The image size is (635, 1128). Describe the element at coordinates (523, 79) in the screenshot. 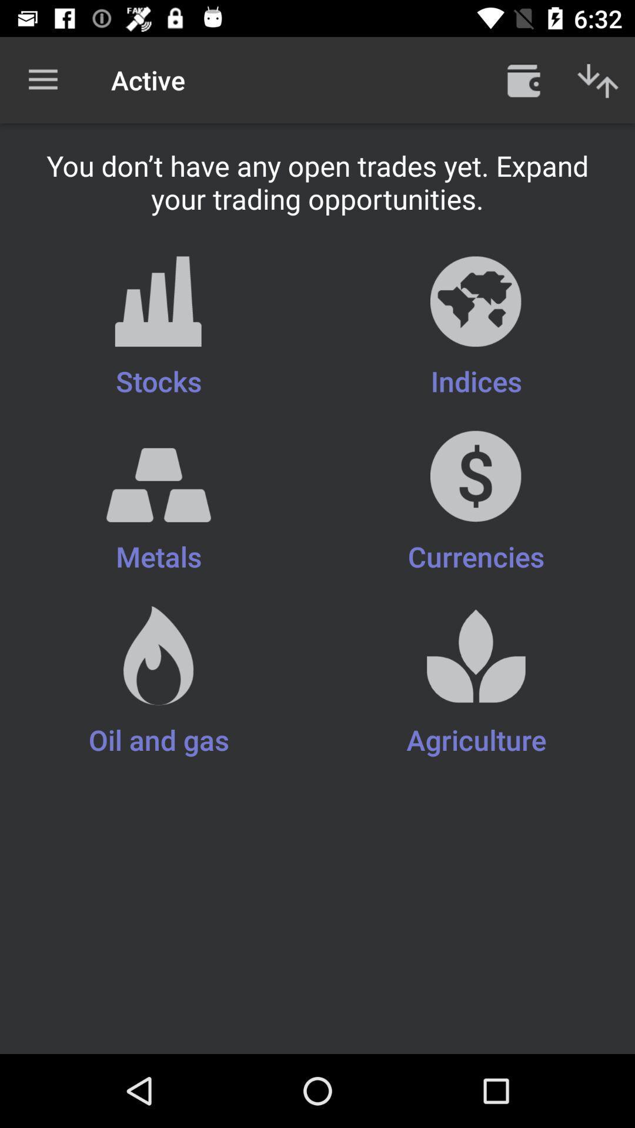

I see `the item next to the active icon` at that location.